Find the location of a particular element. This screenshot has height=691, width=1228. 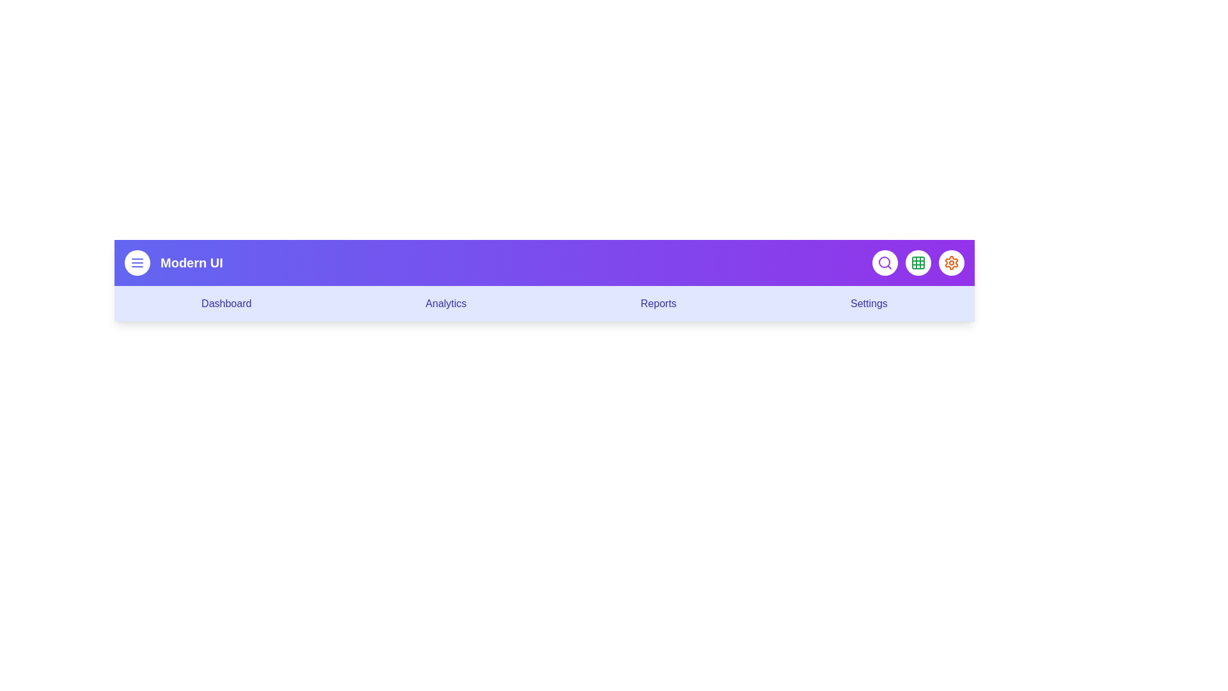

the menu item corresponding to Settings is located at coordinates (869, 303).